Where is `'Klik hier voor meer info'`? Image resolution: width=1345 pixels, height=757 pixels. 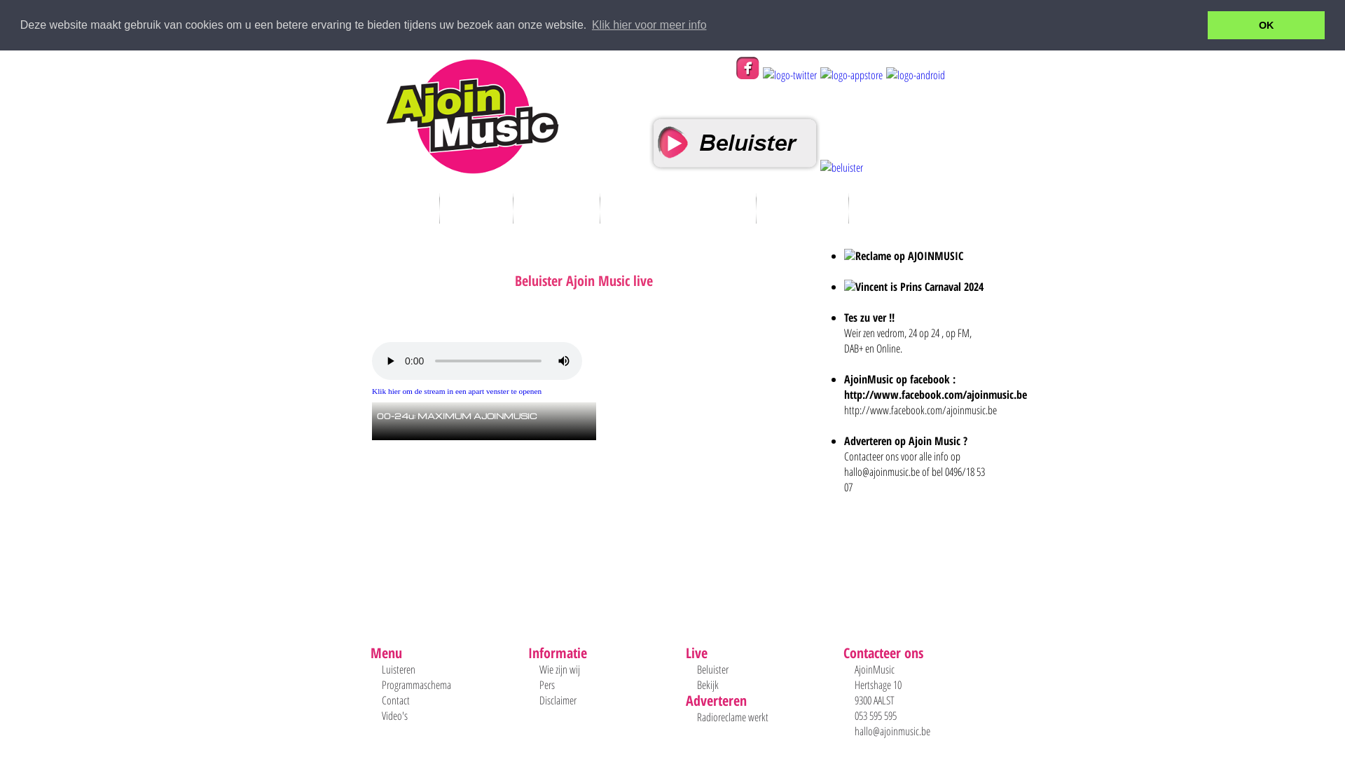
'Klik hier voor meer info' is located at coordinates (648, 25).